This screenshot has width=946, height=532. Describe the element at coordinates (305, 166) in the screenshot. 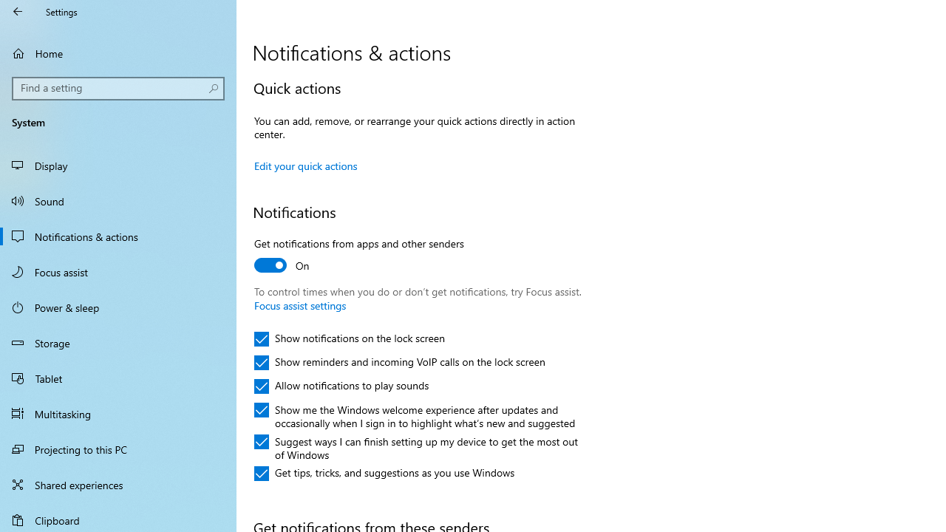

I see `'Edit your quick actions'` at that location.